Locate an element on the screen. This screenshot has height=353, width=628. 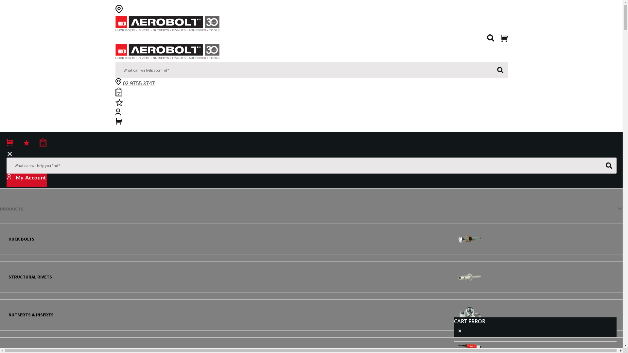
'02 9755 3747' is located at coordinates (138, 83).